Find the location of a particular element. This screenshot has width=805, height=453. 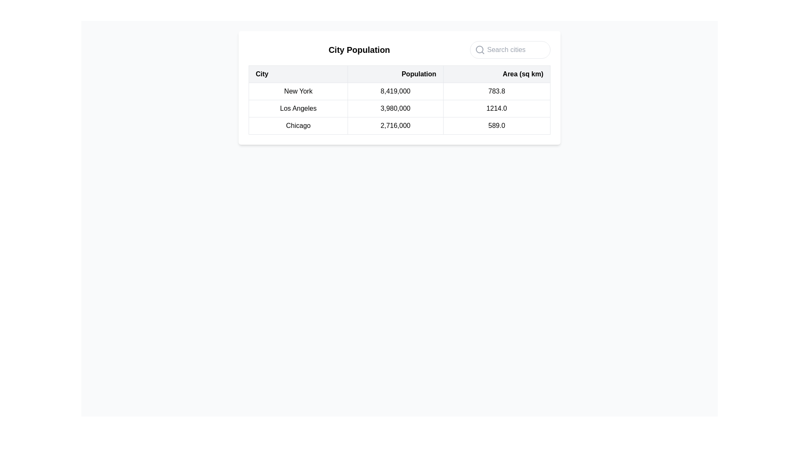

the row containing the text 'Chicago' in the city information table to view details is located at coordinates (298, 126).